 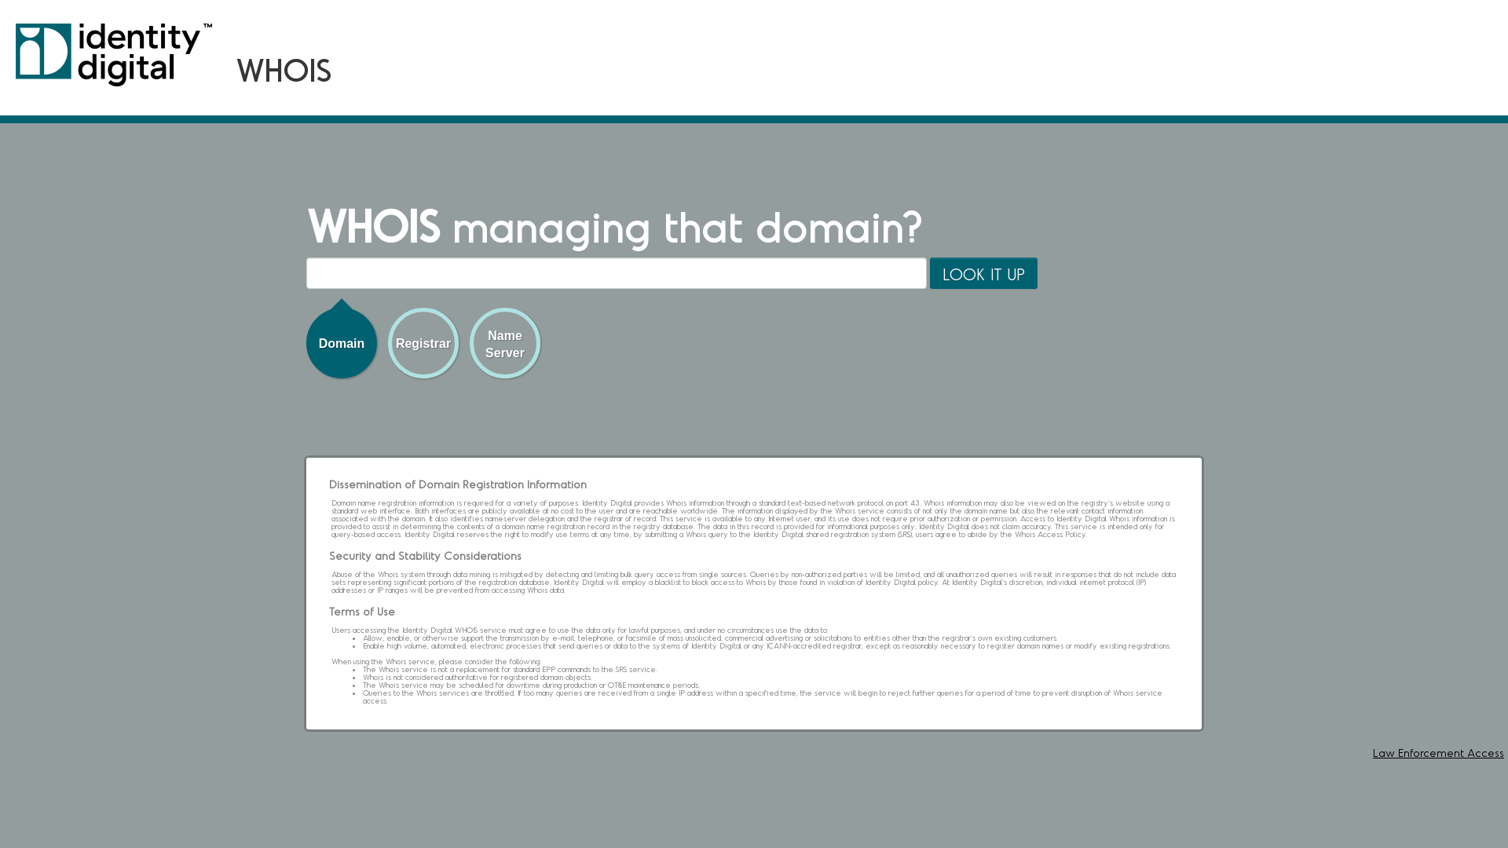 I want to click on 'Law Enforcement Access', so click(x=1438, y=751).